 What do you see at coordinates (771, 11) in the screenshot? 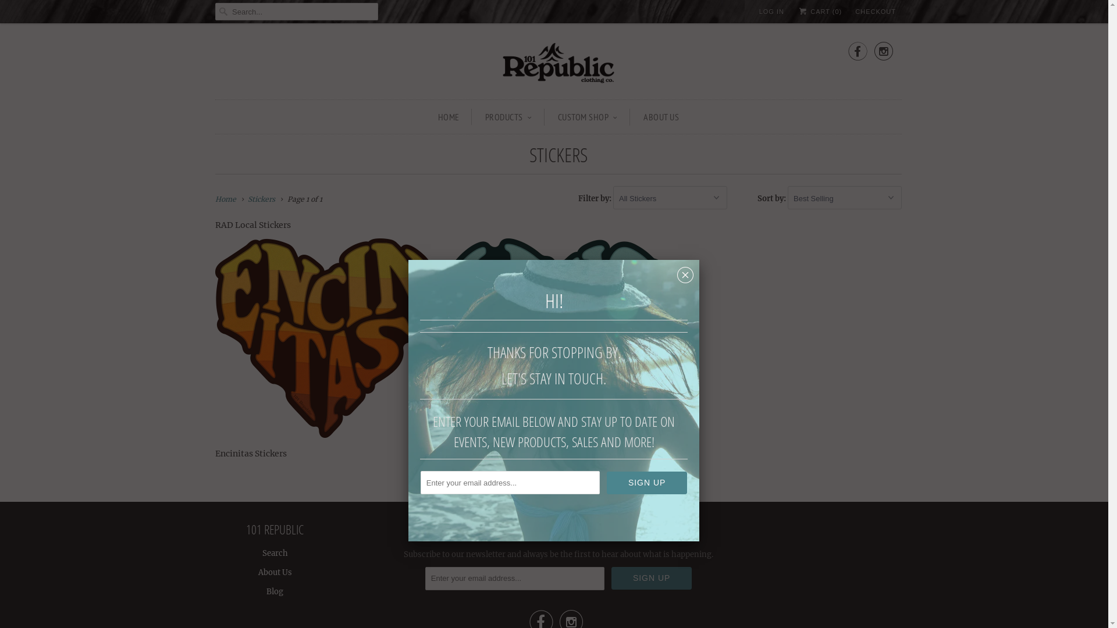
I see `'LOG IN'` at bounding box center [771, 11].